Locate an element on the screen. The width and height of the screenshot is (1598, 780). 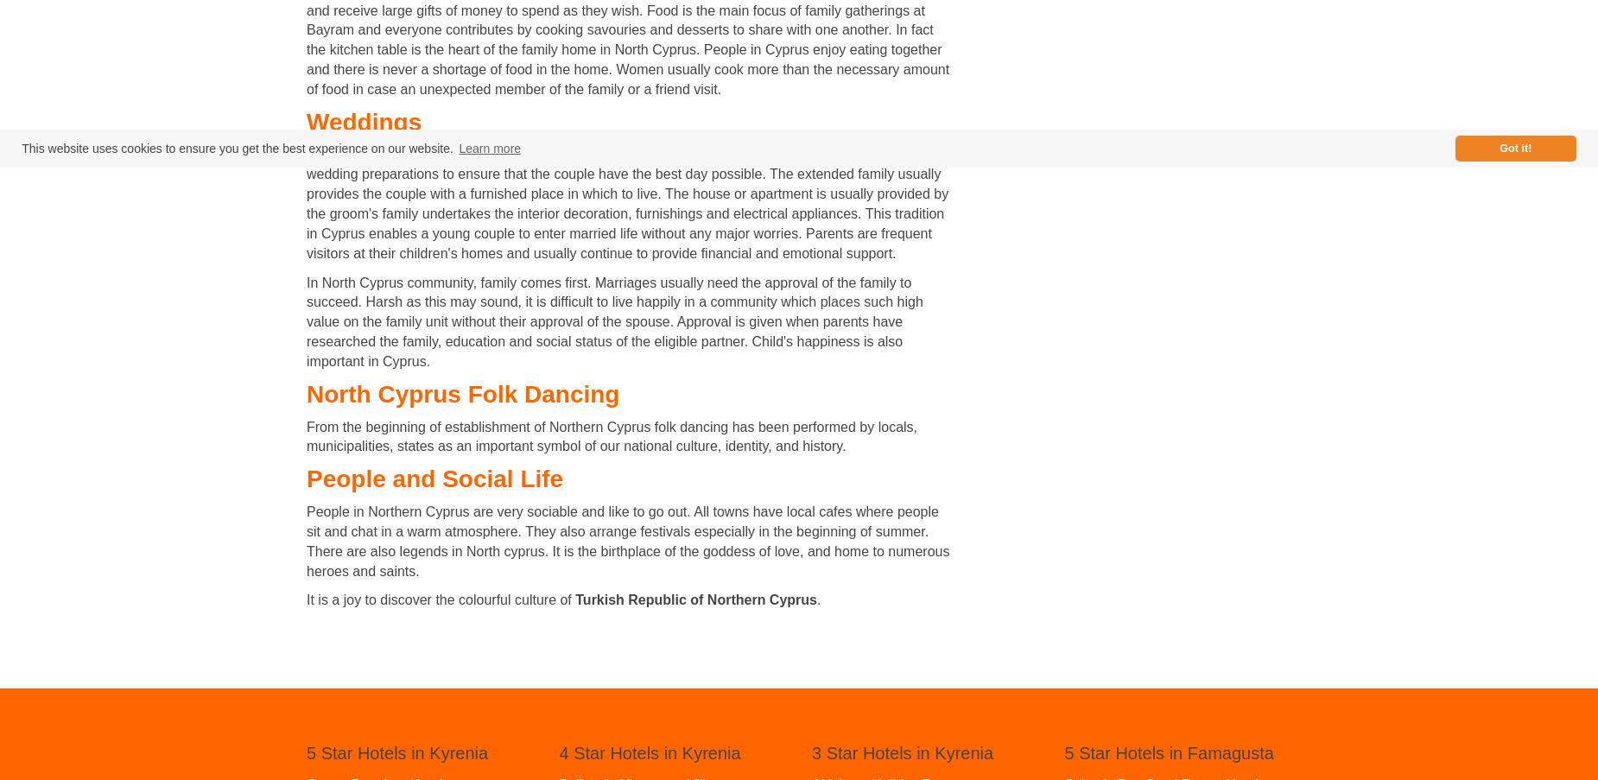
'3 Star Hotels in Kyrenia' is located at coordinates (810, 753).